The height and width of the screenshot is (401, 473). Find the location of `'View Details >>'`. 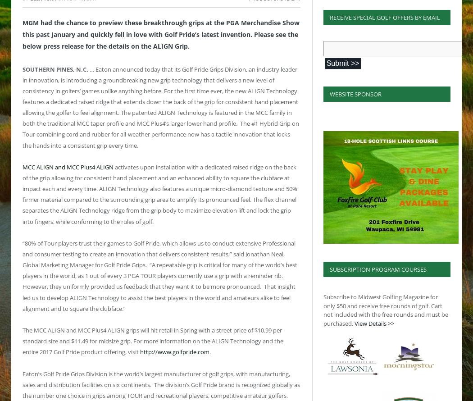

'View Details >>' is located at coordinates (374, 322).